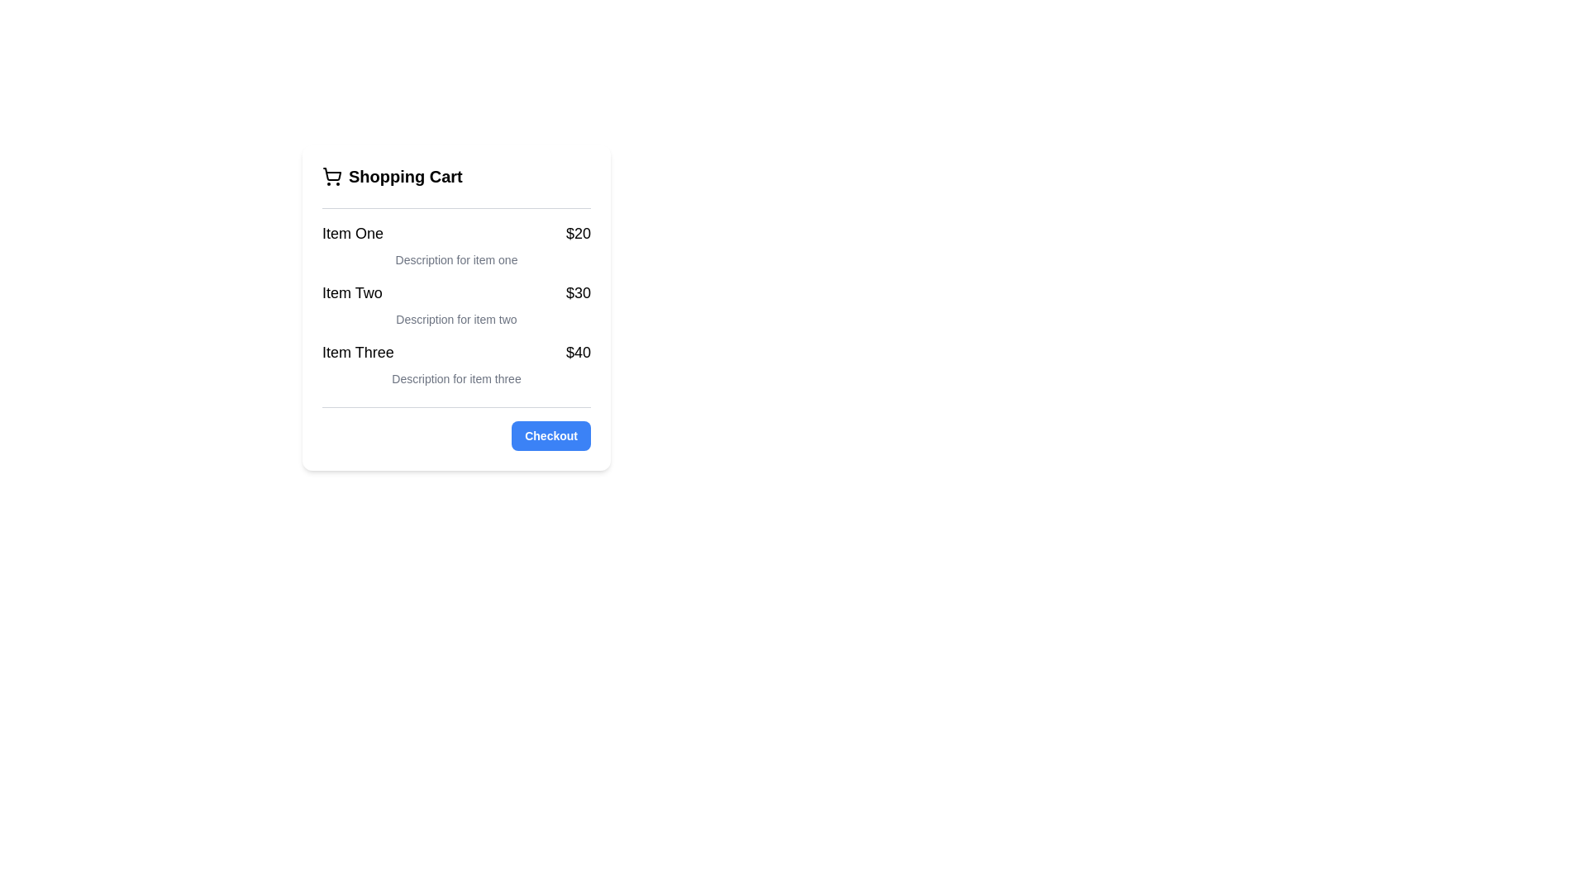 The width and height of the screenshot is (1587, 892). I want to click on the shopping cart icon located at the top left section of the shopping cart interface, adjacent to the title 'Shopping Cart', so click(331, 174).